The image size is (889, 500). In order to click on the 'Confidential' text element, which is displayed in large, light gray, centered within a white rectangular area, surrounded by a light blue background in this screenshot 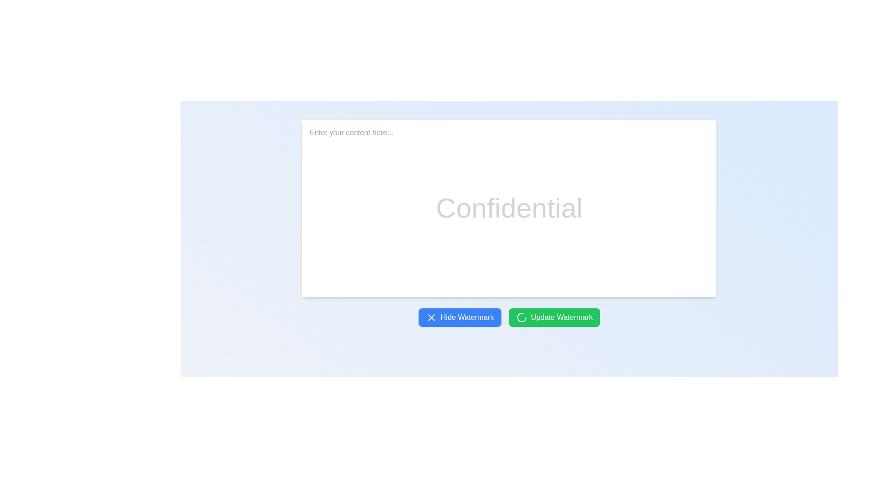, I will do `click(508, 208)`.